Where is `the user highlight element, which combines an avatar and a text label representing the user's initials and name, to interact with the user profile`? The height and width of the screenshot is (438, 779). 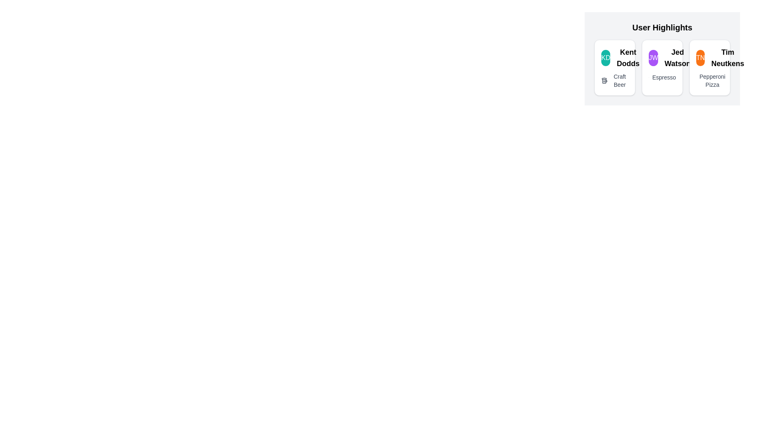
the user highlight element, which combines an avatar and a text label representing the user's initials and name, to interact with the user profile is located at coordinates (662, 57).